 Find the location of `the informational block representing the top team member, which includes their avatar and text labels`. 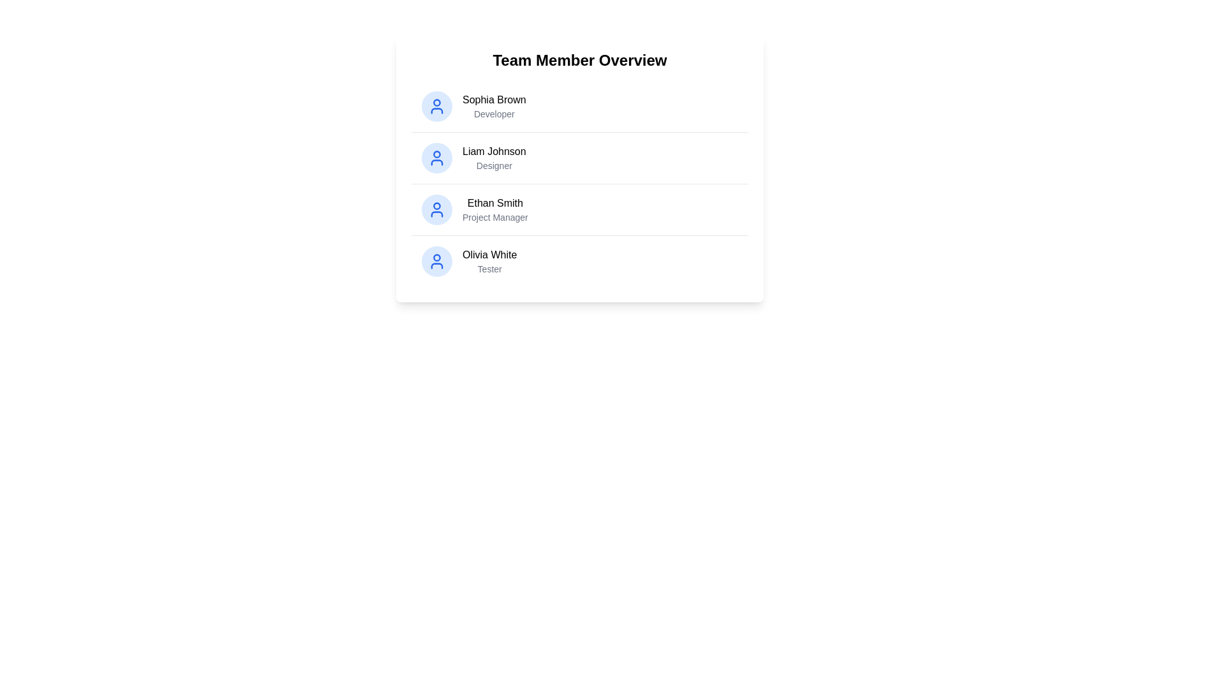

the informational block representing the top team member, which includes their avatar and text labels is located at coordinates (473, 105).